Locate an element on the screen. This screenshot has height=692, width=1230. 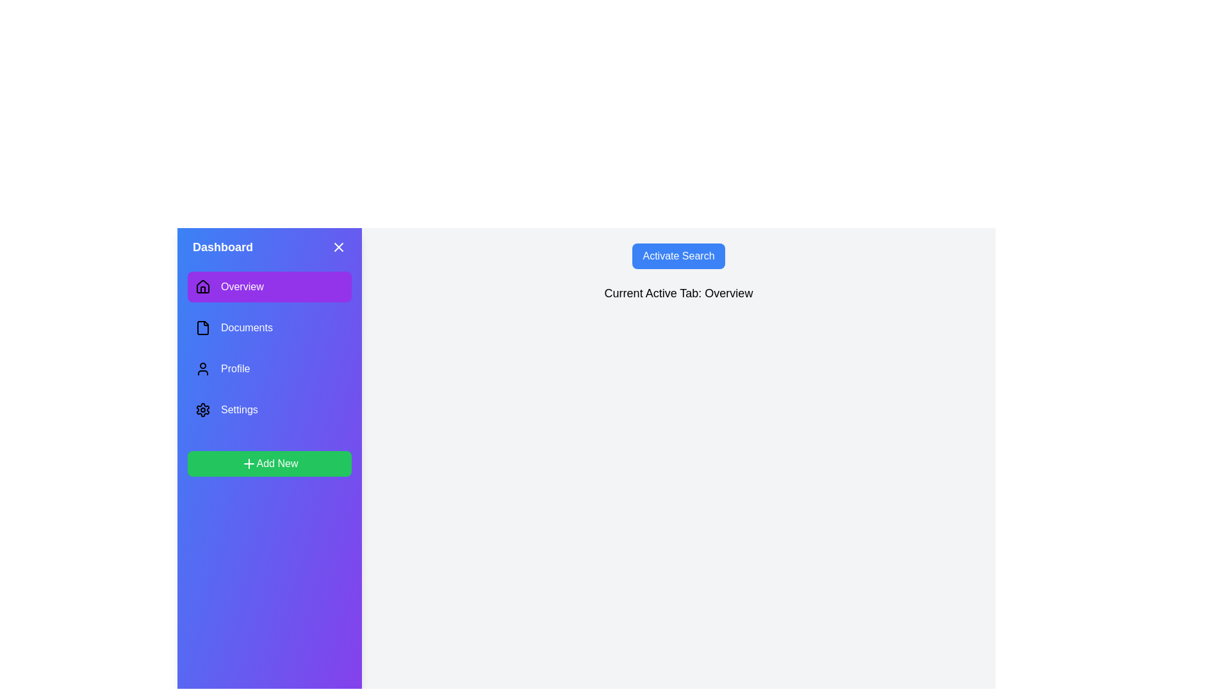
the house icon in the vertical navigation menu, which is located to the left of the 'Overview' text and is the first element among the navigation icons is located at coordinates (202, 286).